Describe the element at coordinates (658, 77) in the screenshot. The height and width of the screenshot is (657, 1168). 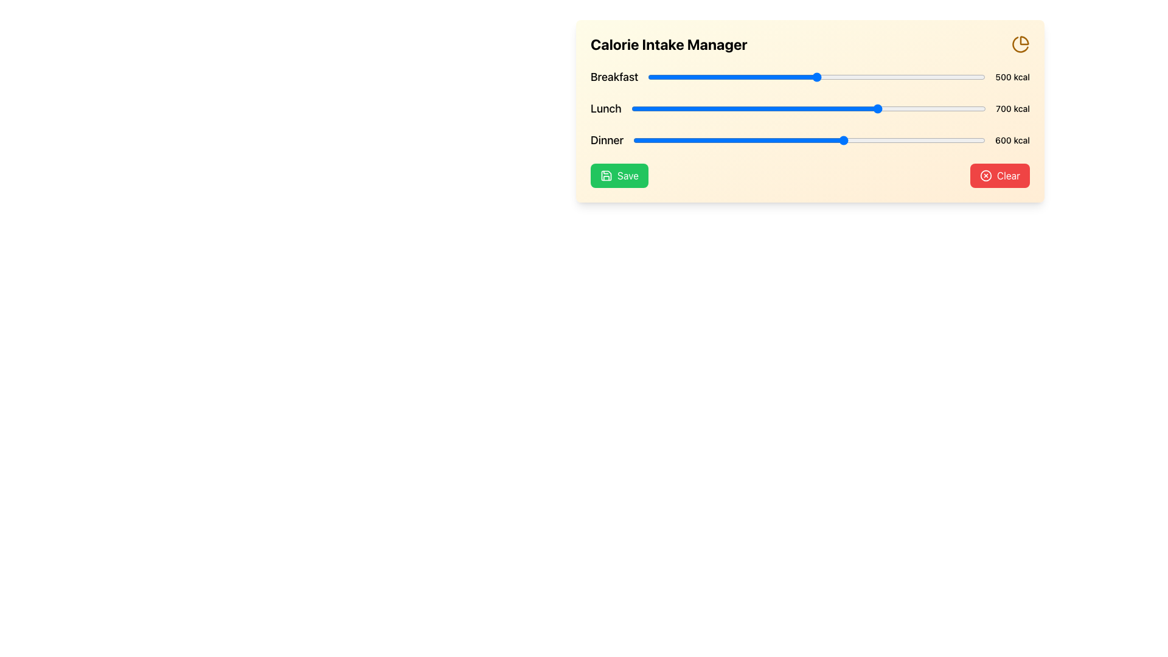
I see `the breakfast calorie intake` at that location.